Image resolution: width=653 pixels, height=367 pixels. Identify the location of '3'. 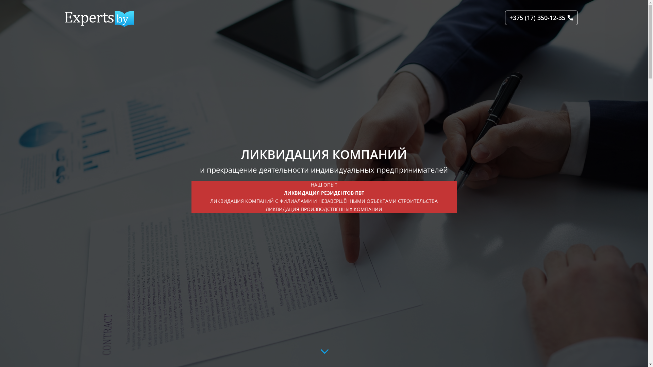
(323, 351).